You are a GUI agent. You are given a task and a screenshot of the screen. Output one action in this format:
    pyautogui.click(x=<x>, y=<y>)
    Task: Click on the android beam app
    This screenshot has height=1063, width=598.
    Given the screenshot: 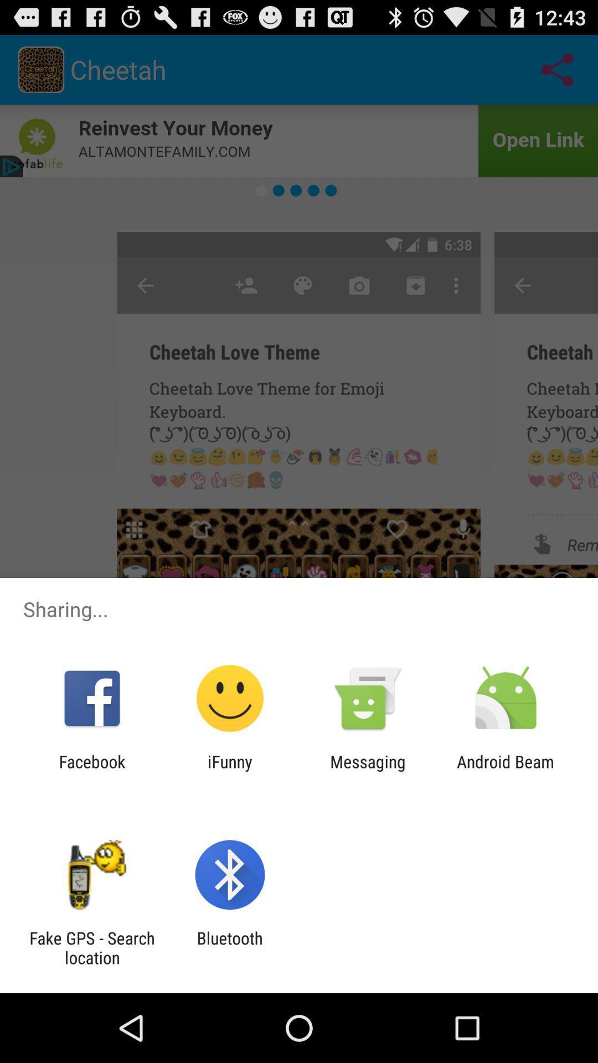 What is the action you would take?
    pyautogui.click(x=506, y=771)
    